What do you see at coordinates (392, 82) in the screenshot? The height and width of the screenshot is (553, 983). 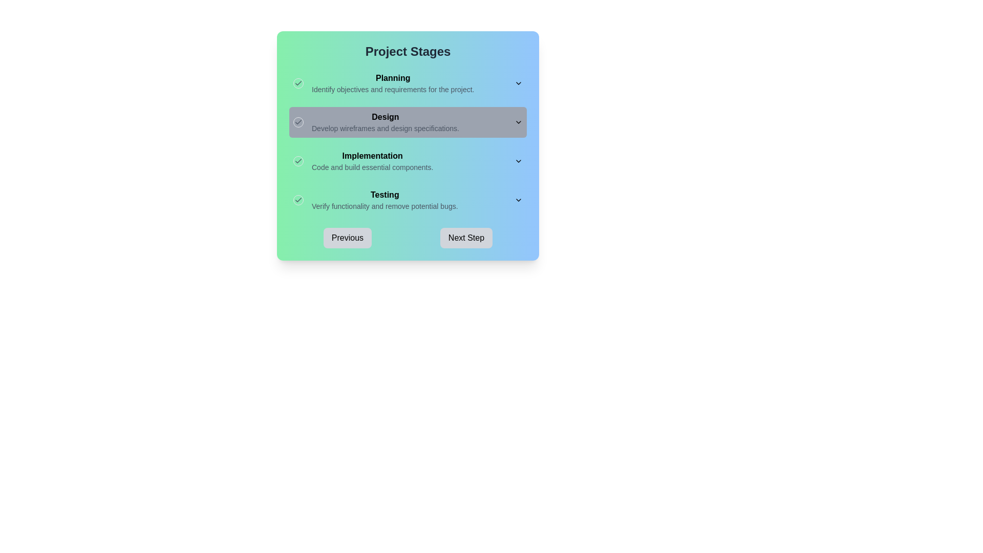 I see `the text block with the bold header 'Planning' and its description 'Identify objectives and requirements for the project.'` at bounding box center [392, 82].